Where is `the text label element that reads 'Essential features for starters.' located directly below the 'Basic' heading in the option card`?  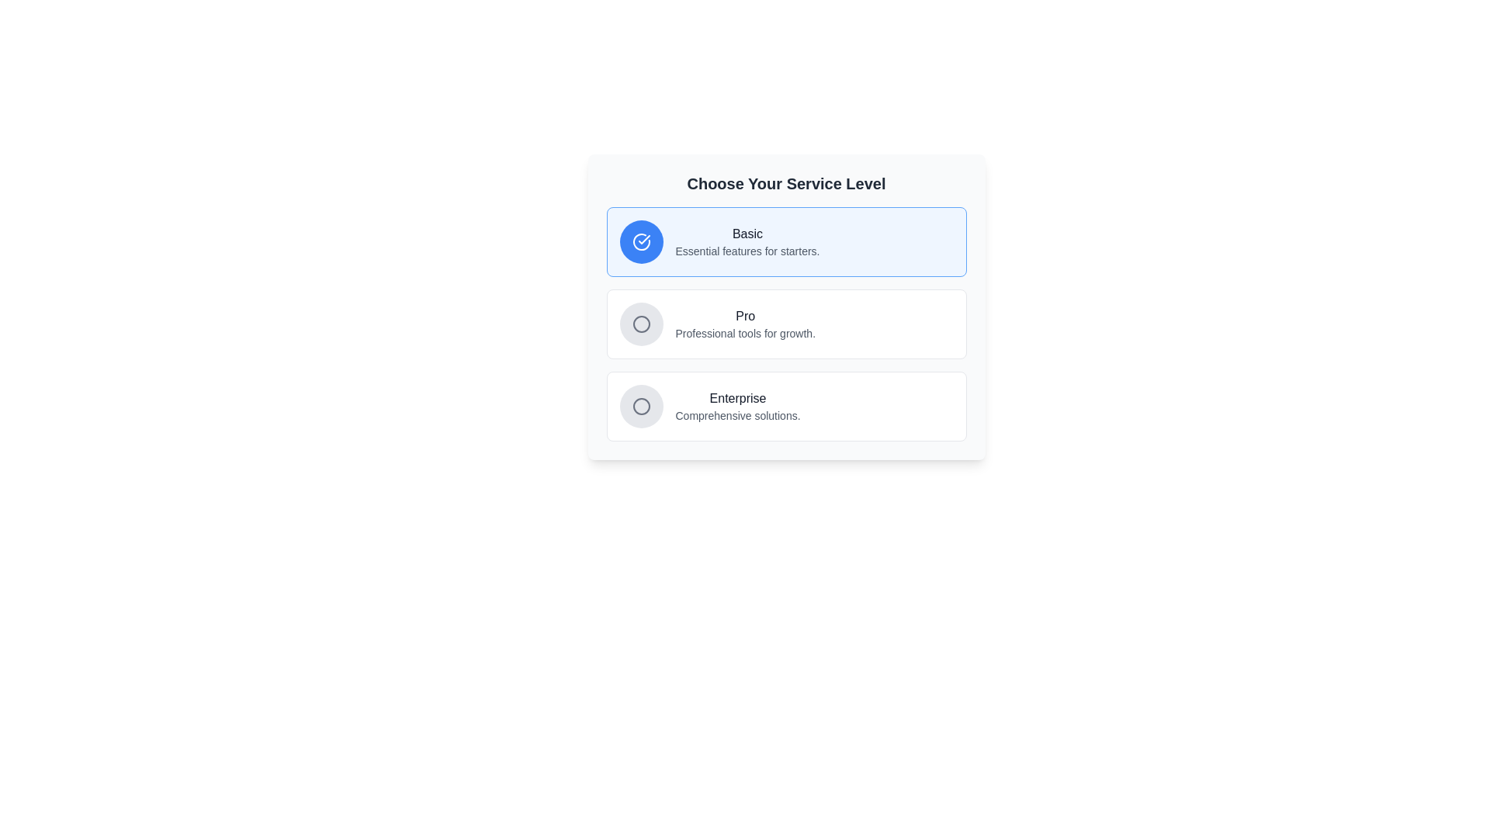 the text label element that reads 'Essential features for starters.' located directly below the 'Basic' heading in the option card is located at coordinates (747, 251).